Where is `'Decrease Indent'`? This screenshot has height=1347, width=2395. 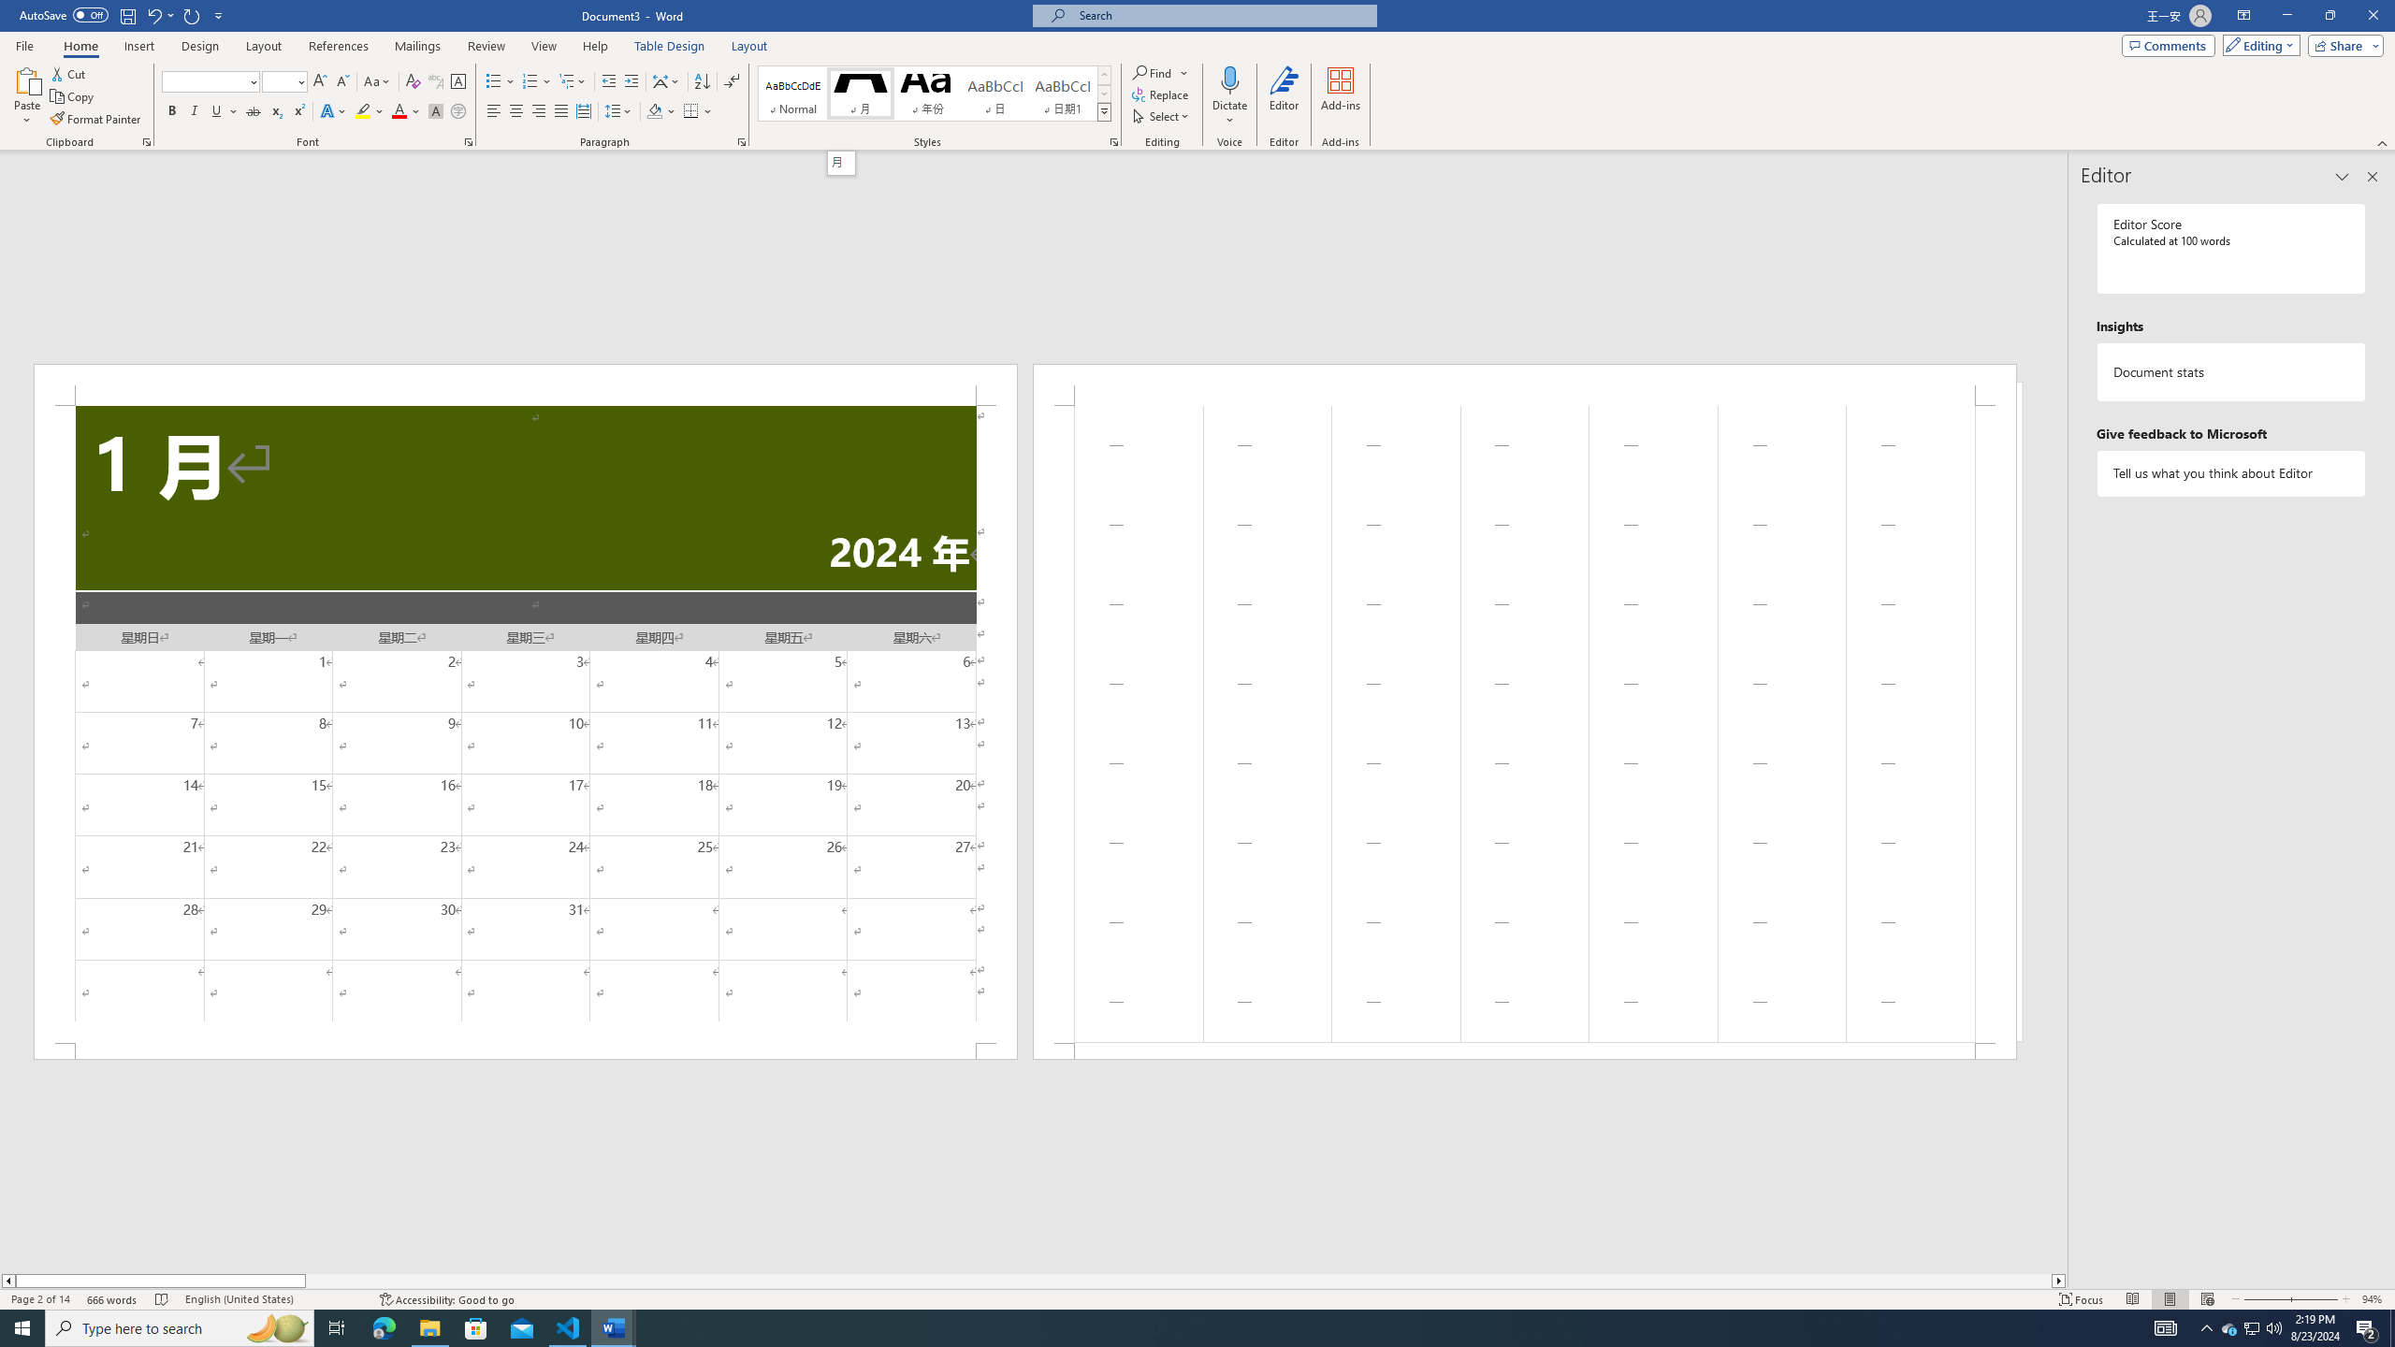
'Decrease Indent' is located at coordinates (609, 81).